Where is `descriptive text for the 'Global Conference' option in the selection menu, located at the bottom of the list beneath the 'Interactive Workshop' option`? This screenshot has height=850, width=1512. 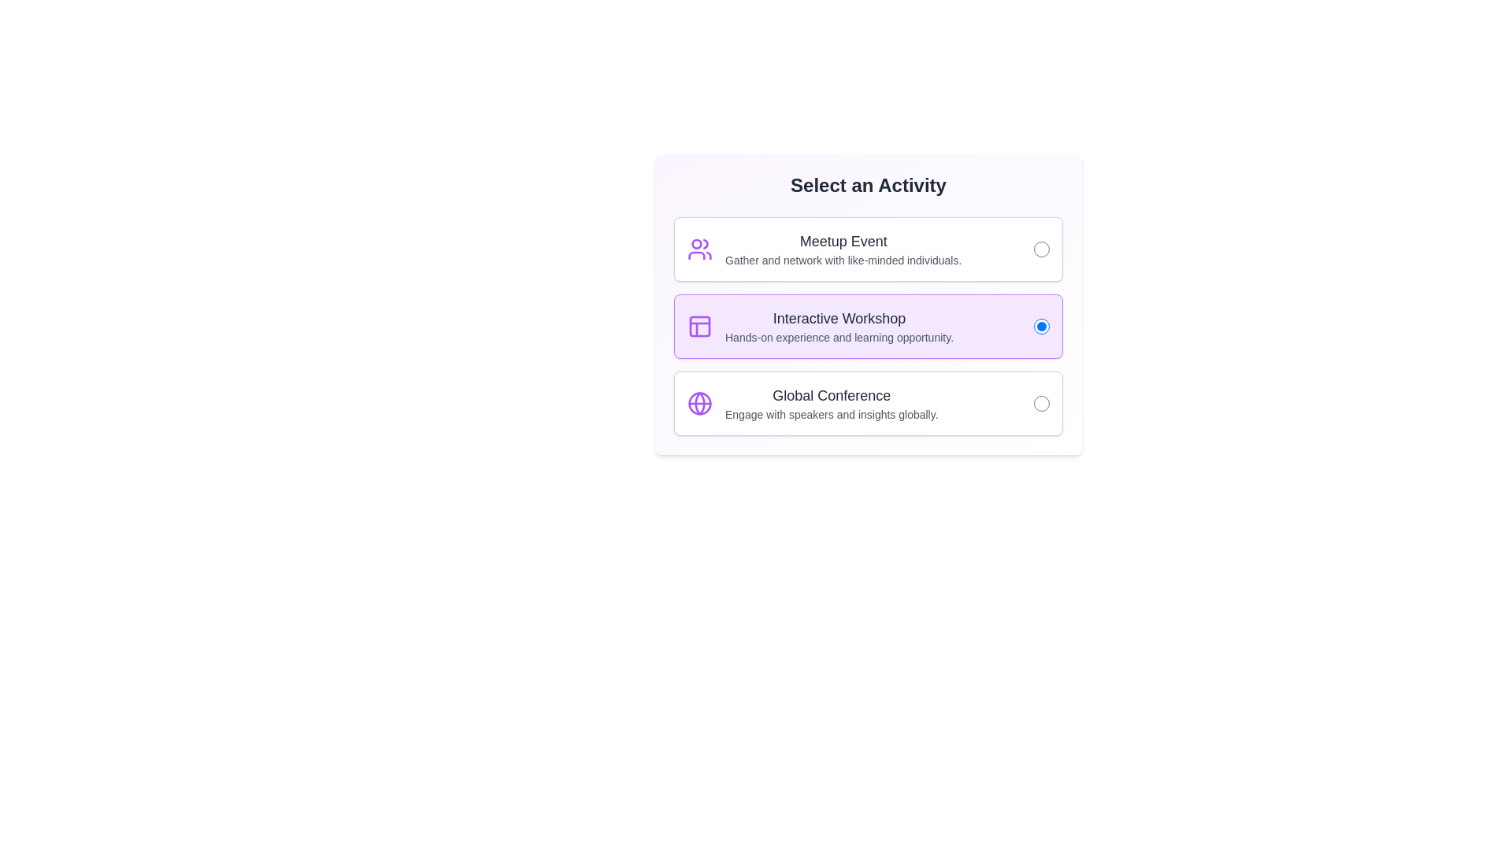
descriptive text for the 'Global Conference' option in the selection menu, located at the bottom of the list beneath the 'Interactive Workshop' option is located at coordinates (831, 403).